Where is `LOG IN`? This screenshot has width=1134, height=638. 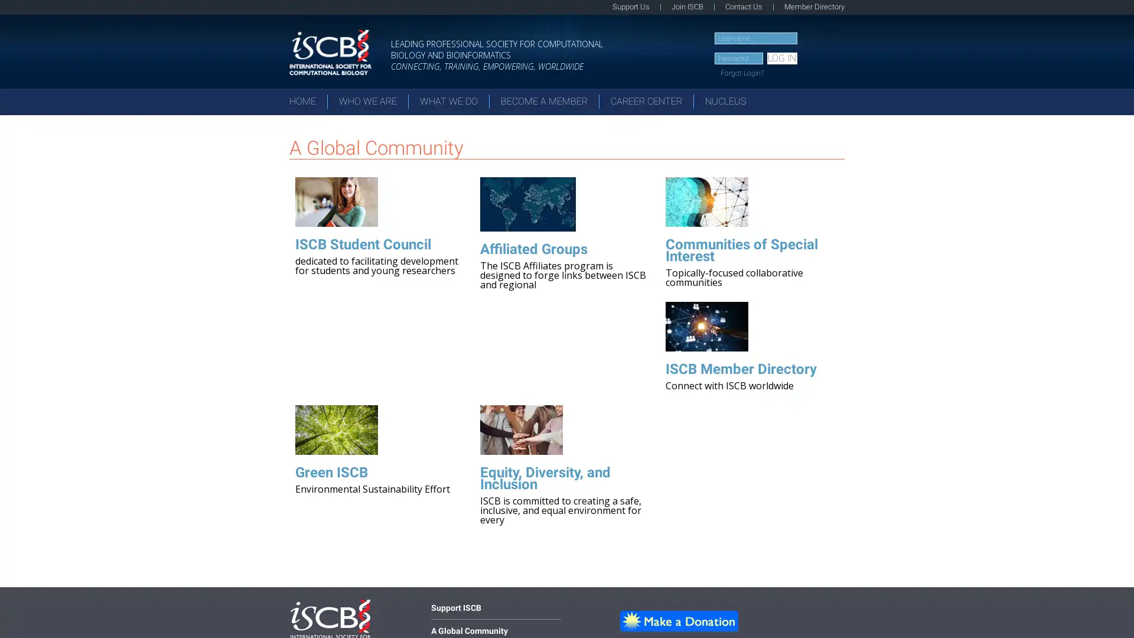 LOG IN is located at coordinates (781, 58).